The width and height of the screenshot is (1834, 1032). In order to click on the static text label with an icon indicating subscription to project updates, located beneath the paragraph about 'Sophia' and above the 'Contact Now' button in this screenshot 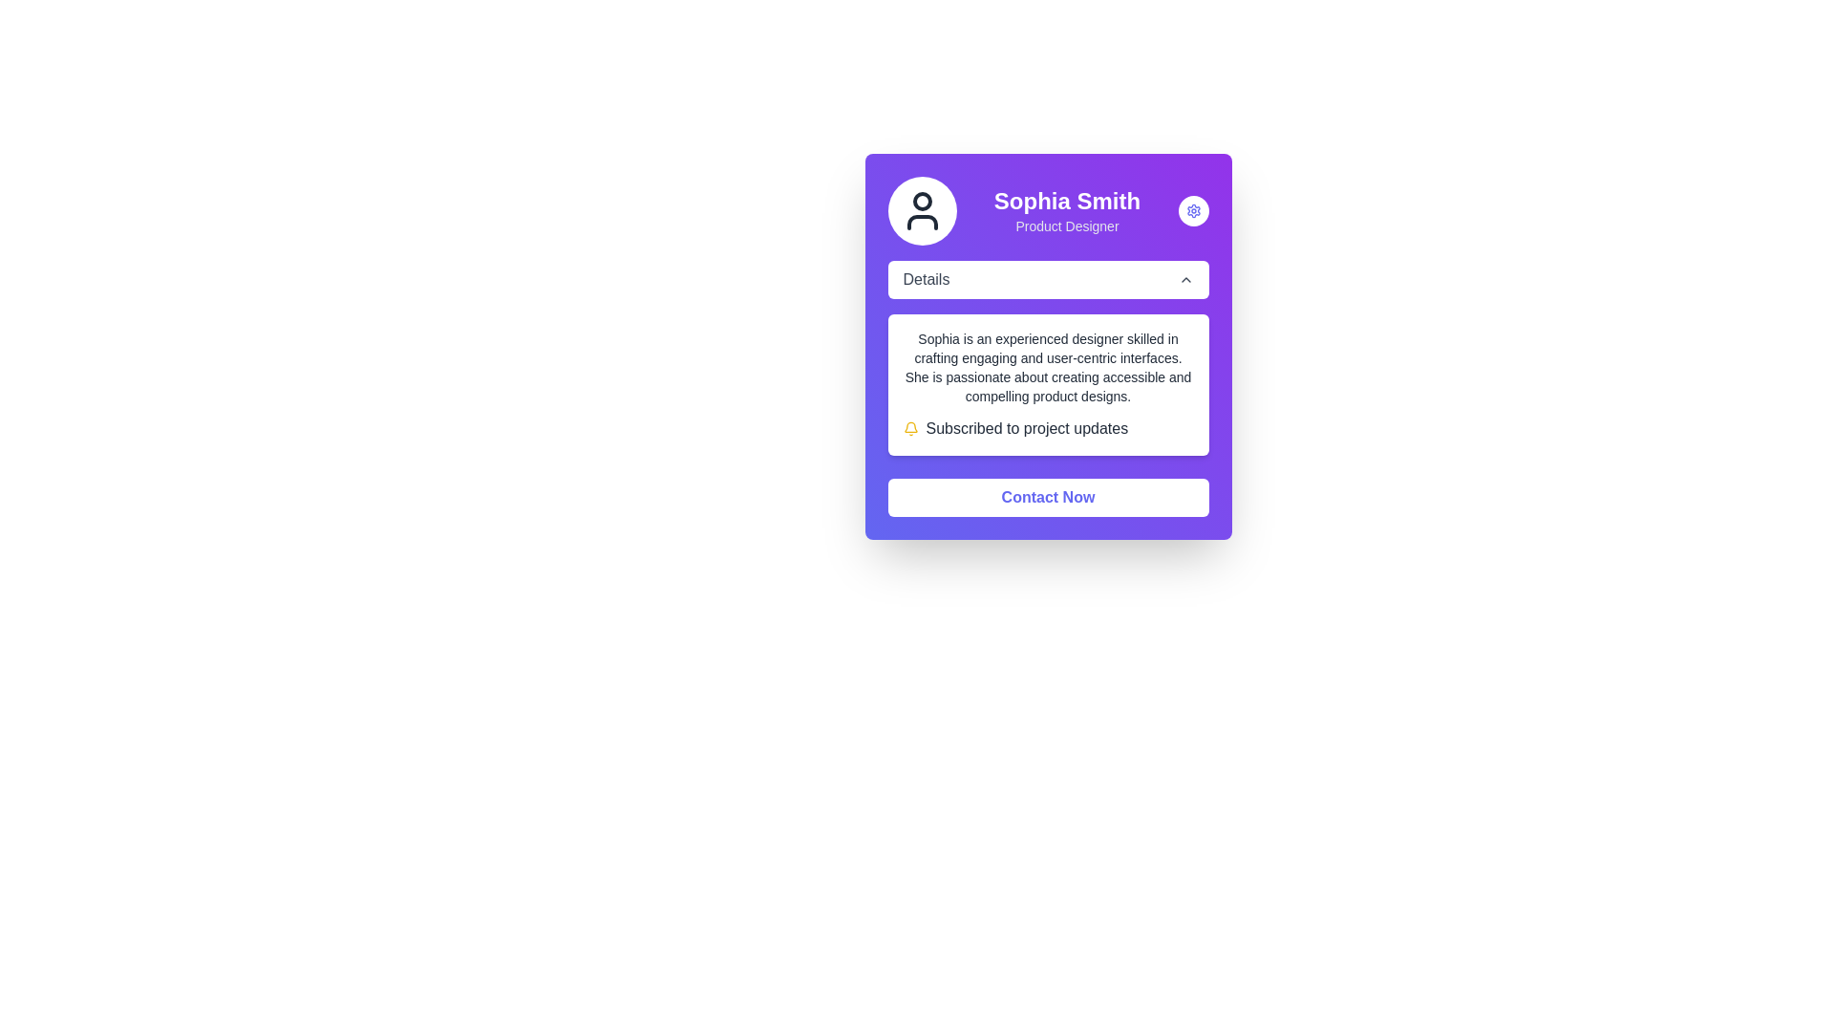, I will do `click(1047, 427)`.